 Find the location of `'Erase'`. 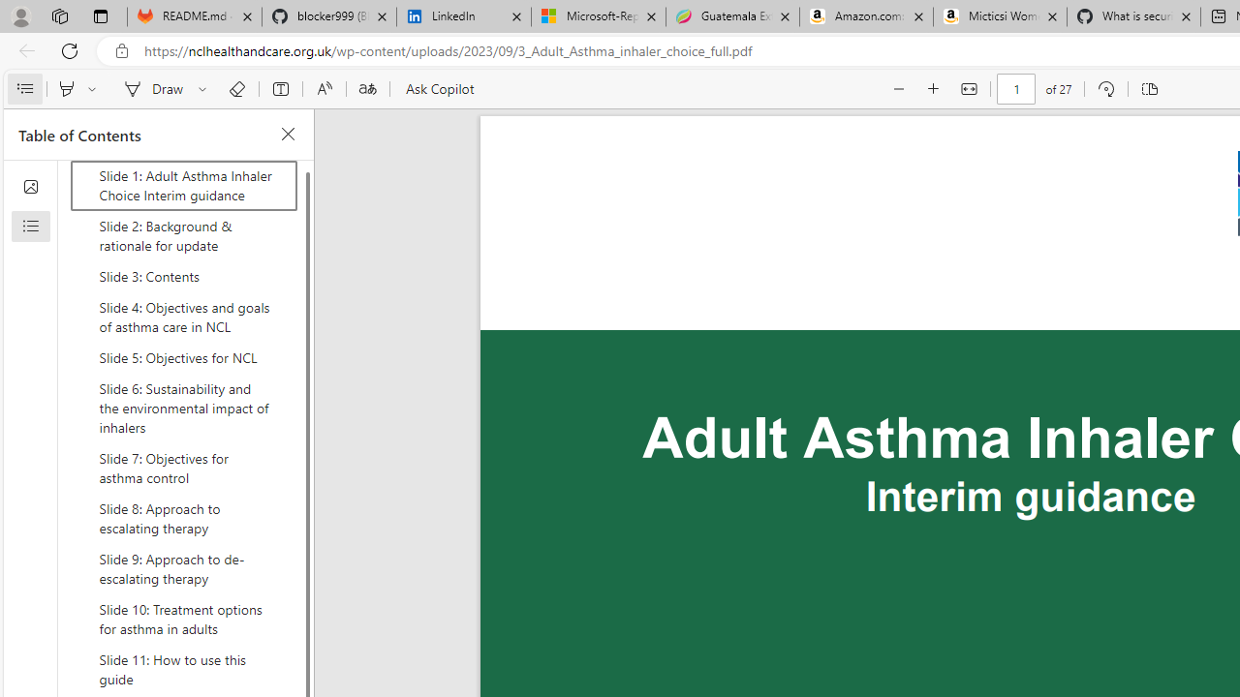

'Erase' is located at coordinates (235, 89).